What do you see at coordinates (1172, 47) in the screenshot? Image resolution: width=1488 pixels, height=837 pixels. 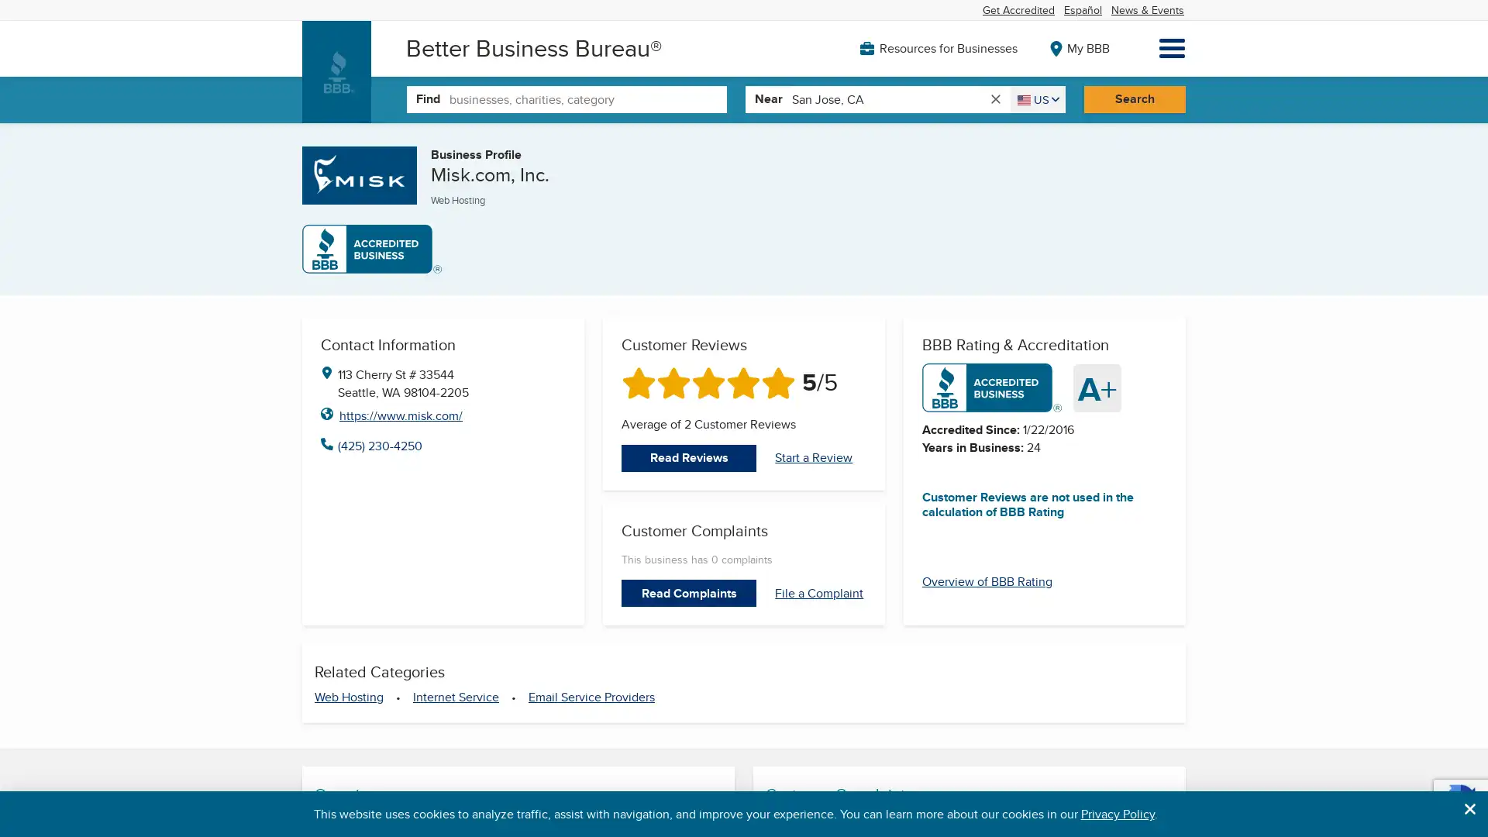 I see `Menu` at bounding box center [1172, 47].